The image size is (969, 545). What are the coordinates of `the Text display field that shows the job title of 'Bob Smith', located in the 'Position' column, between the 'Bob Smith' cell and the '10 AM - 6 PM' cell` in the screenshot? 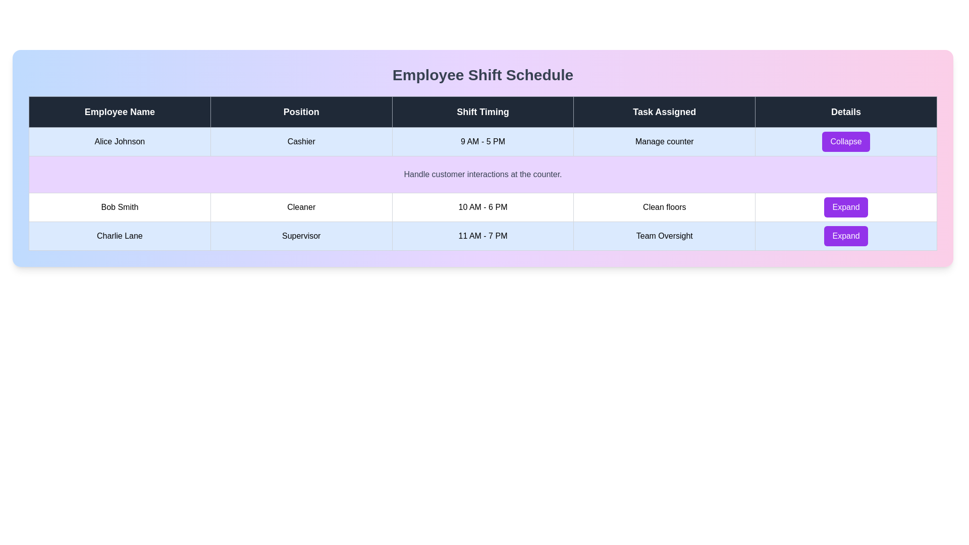 It's located at (301, 207).